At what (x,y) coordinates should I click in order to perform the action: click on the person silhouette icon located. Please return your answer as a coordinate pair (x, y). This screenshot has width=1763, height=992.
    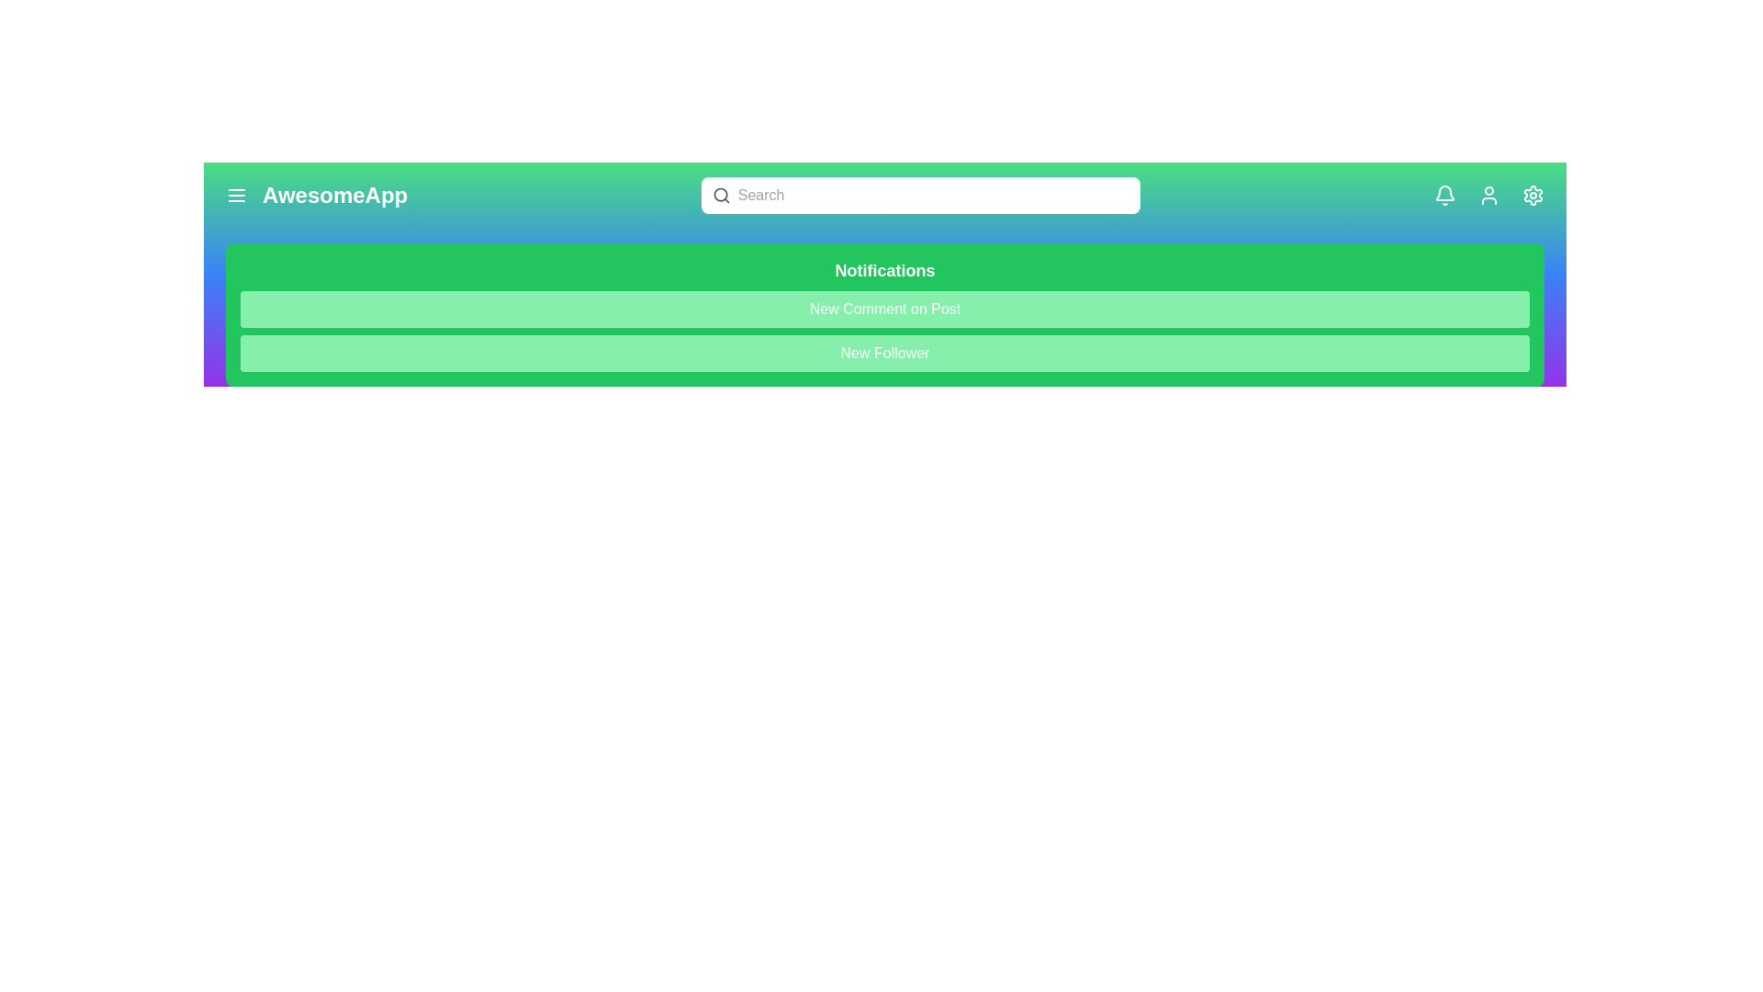
    Looking at the image, I should click on (1489, 195).